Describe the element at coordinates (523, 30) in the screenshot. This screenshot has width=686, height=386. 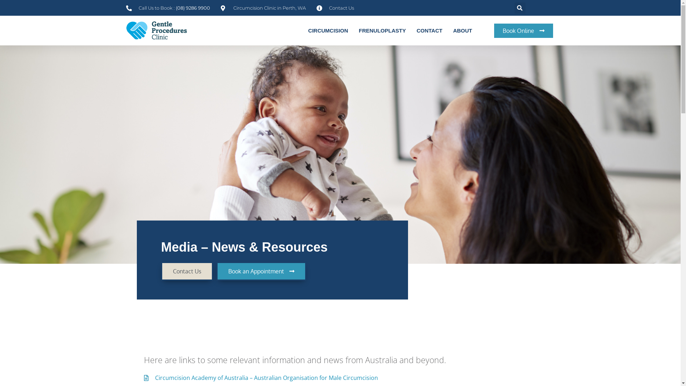
I see `'Book Online'` at that location.